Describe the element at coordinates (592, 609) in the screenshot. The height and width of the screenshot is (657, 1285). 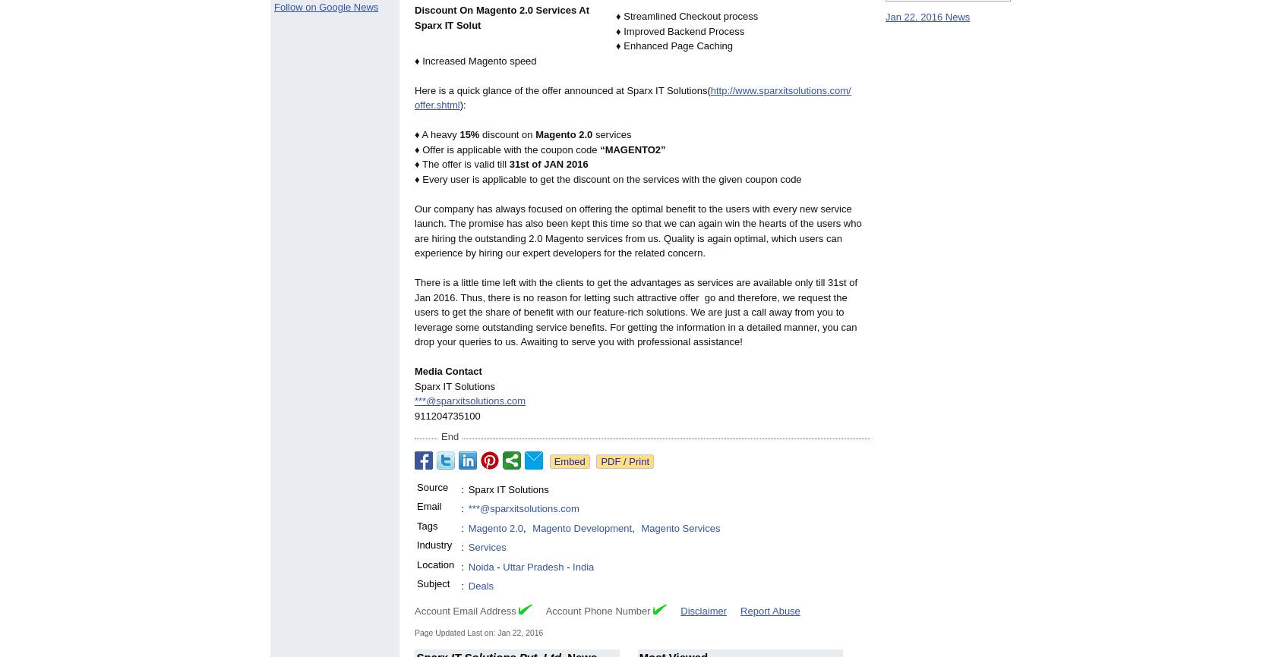
I see `'Account Phone Number'` at that location.